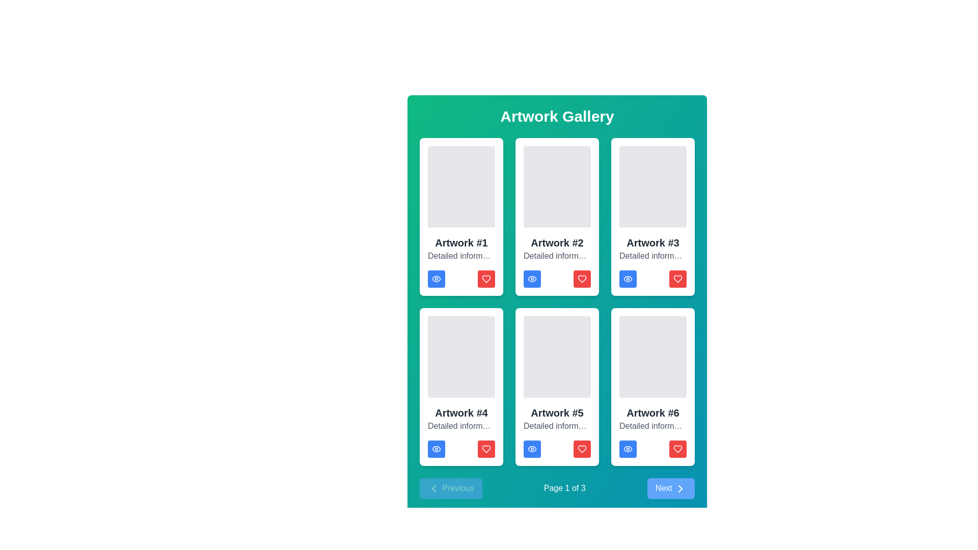  I want to click on the eye icon part within the 'Artwork #6' card, so click(628, 449).